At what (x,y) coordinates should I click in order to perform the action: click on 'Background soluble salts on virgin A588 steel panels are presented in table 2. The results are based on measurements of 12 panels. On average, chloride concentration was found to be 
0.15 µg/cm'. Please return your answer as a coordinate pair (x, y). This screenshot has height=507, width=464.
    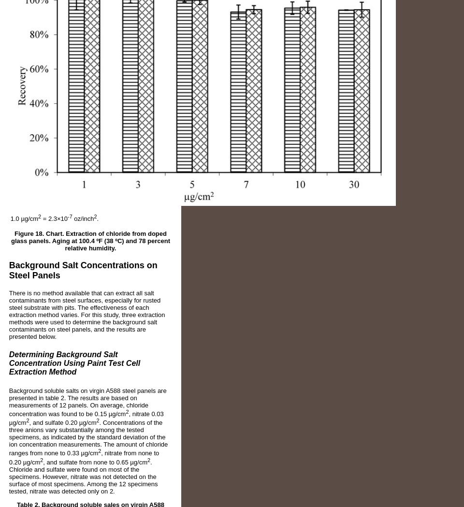
    Looking at the image, I should click on (87, 401).